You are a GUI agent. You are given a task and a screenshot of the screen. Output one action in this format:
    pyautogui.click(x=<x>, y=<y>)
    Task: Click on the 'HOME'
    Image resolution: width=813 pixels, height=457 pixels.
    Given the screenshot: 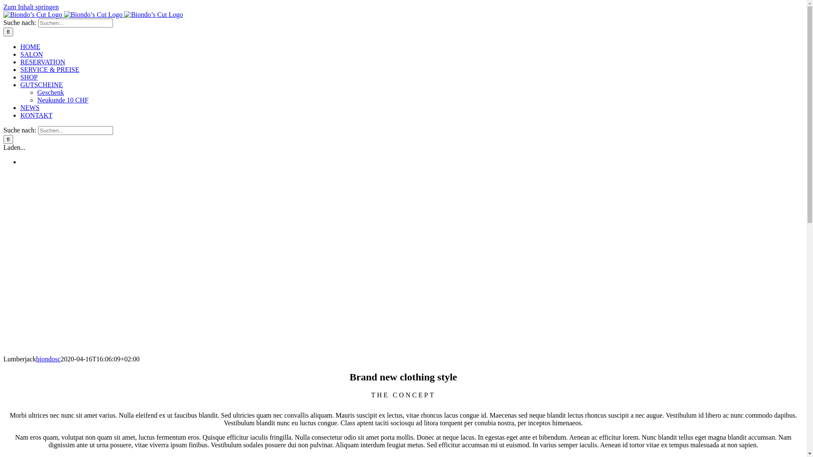 What is the action you would take?
    pyautogui.click(x=30, y=47)
    